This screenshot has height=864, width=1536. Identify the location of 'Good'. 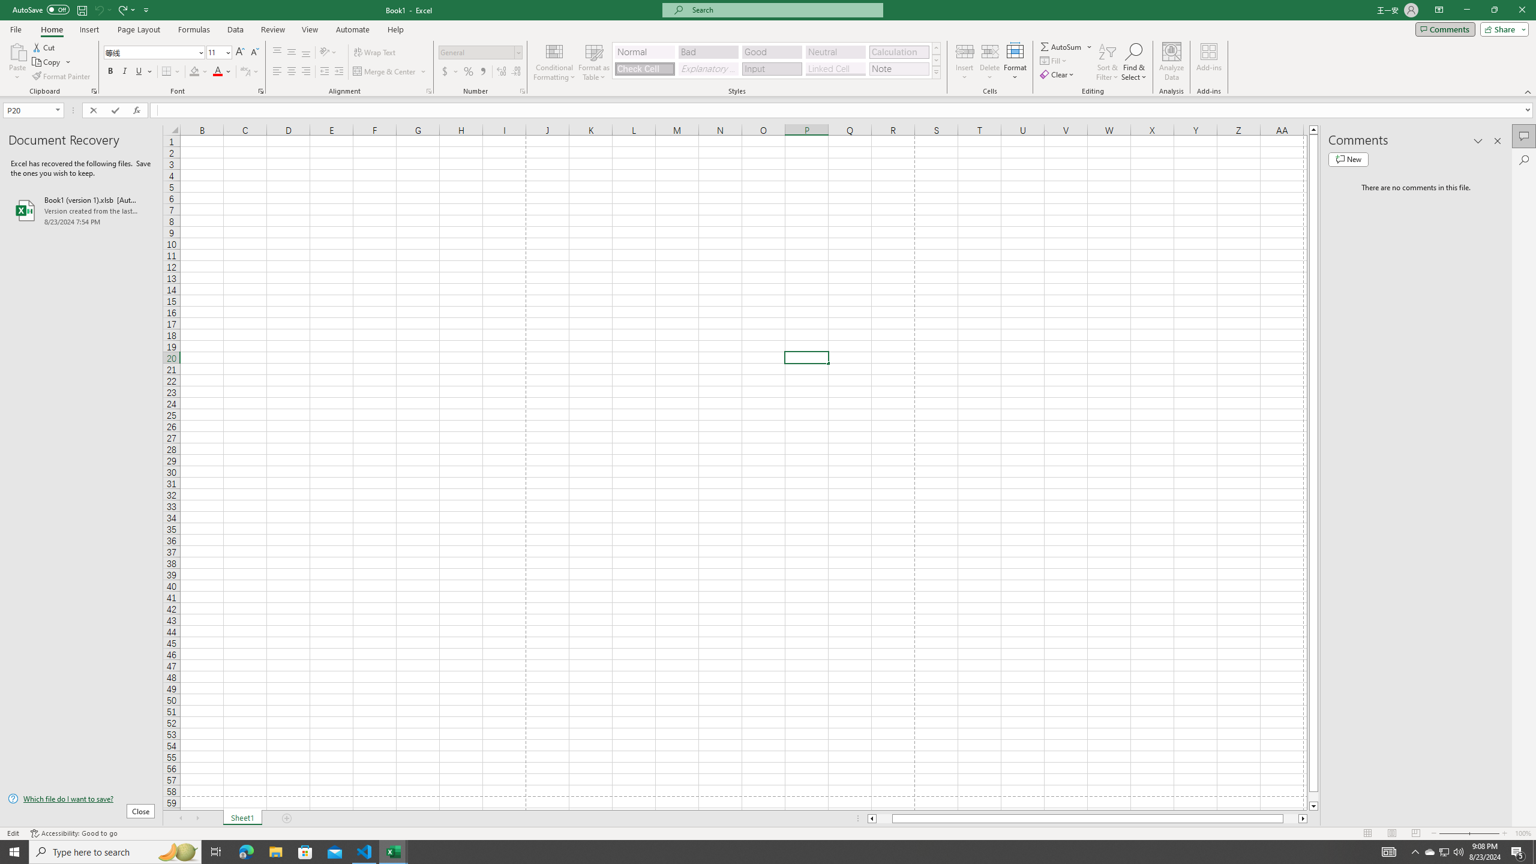
(771, 52).